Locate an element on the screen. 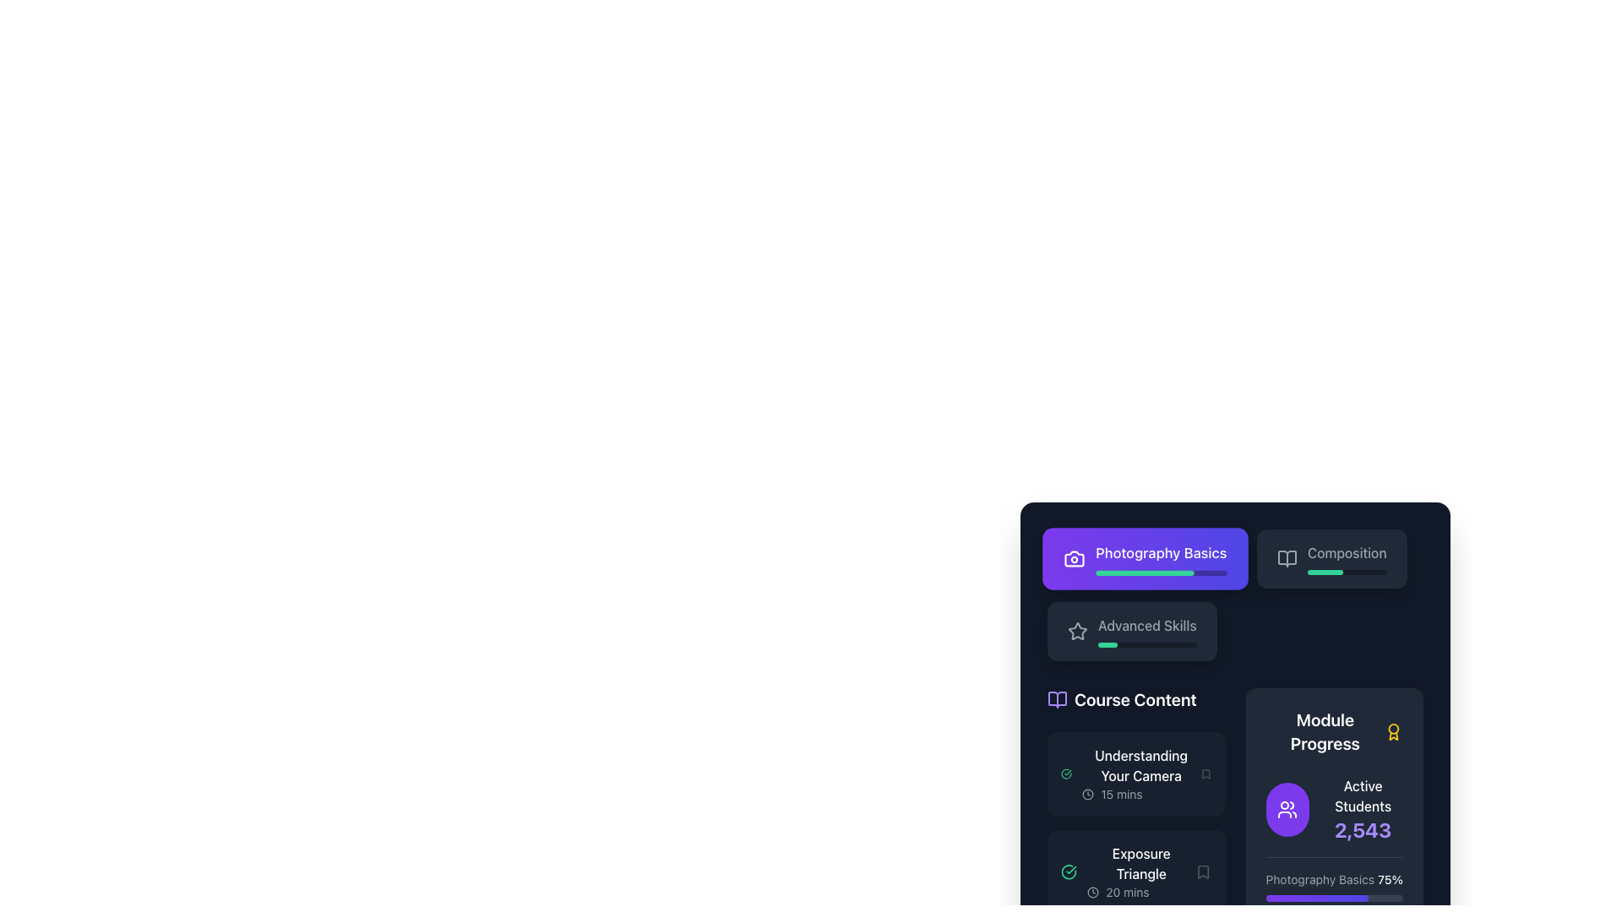 This screenshot has width=1622, height=912. the completion indicator icon for the 'Exposure Triangle' item located to the left of the text 'Exposure Triangle' in the 'Course Content' section is located at coordinates (1068, 872).